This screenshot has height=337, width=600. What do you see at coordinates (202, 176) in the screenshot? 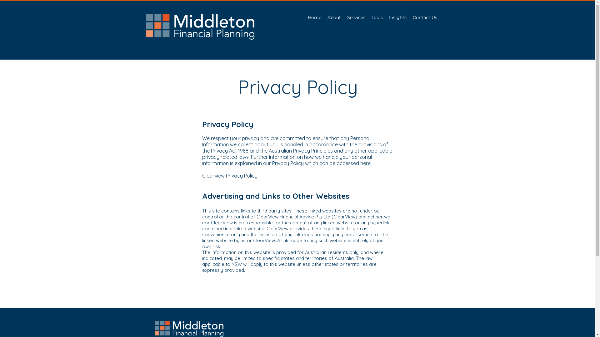
I see `'Clearview Privacy Policy'` at bounding box center [202, 176].